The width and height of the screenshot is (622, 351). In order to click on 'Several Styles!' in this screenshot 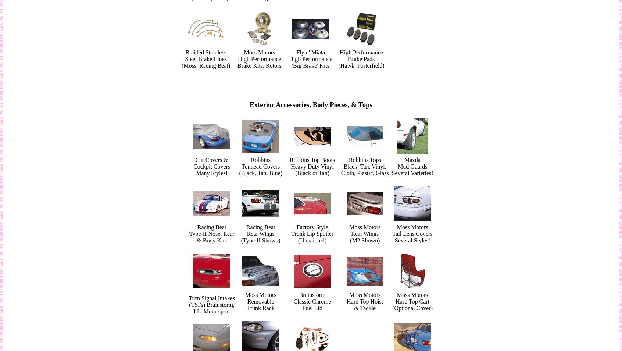, I will do `click(412, 240)`.